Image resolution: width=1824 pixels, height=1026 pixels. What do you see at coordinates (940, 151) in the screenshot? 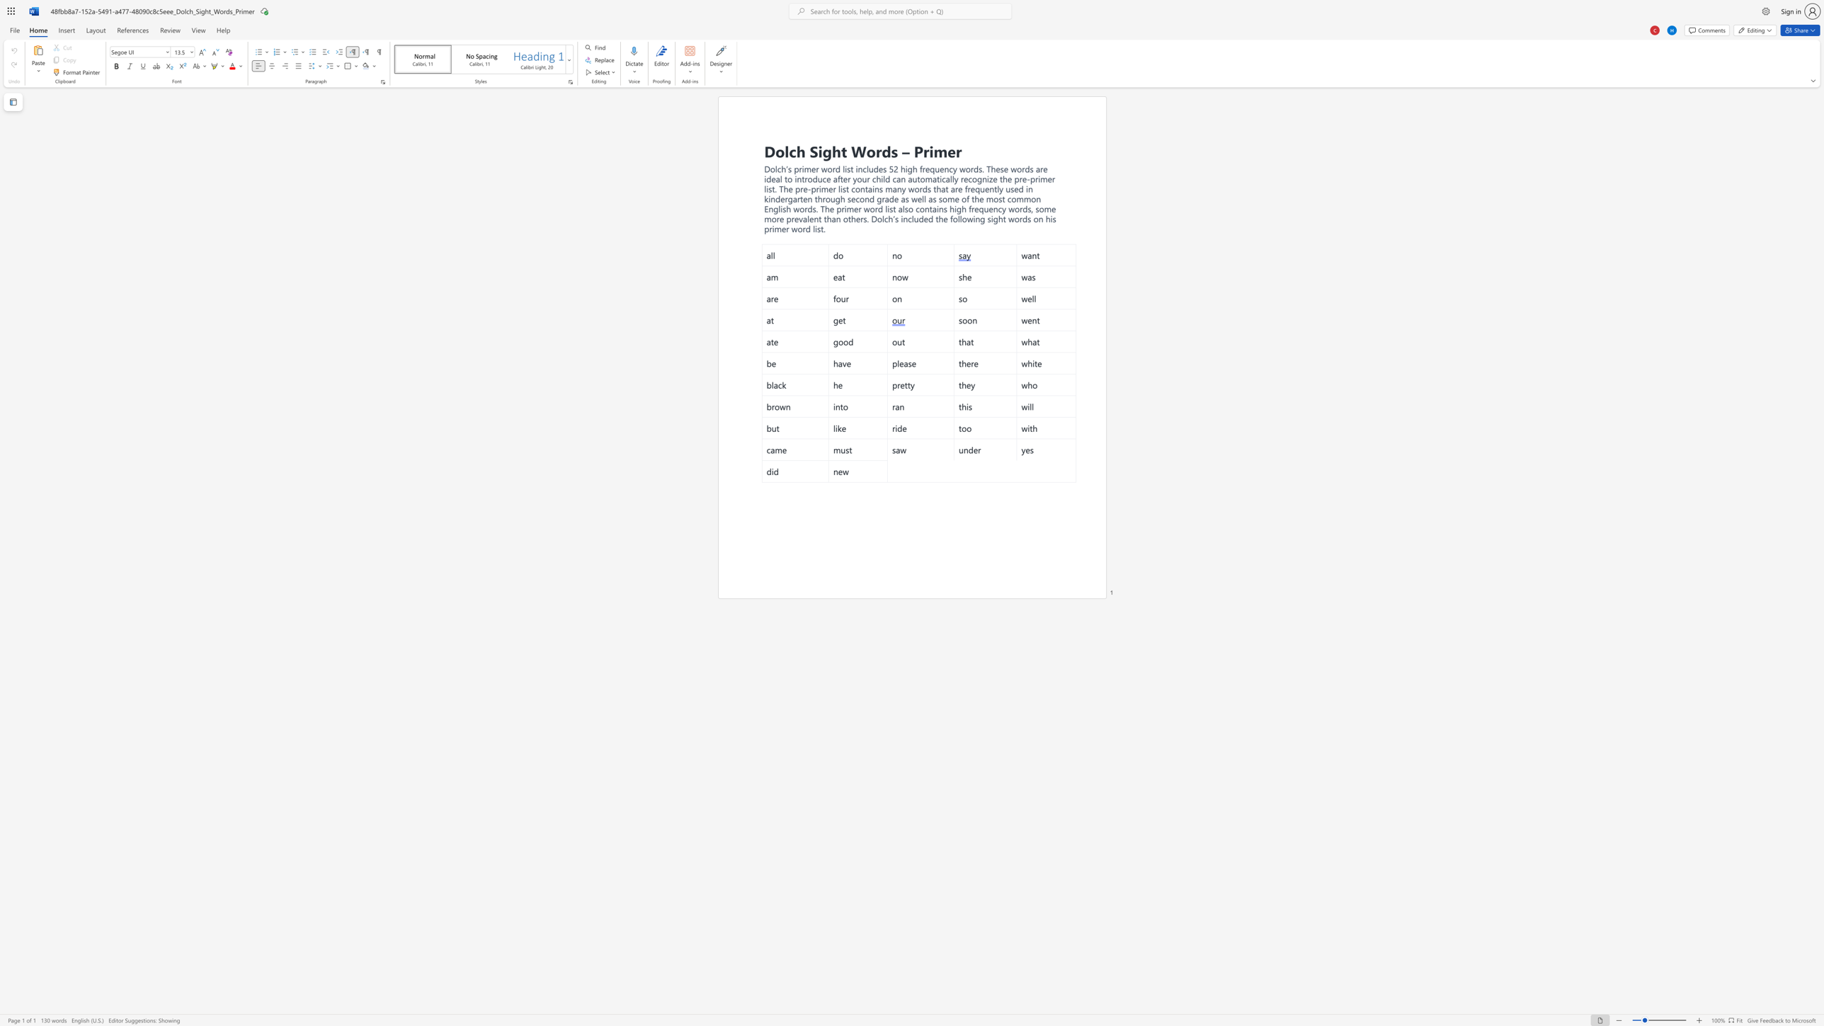
I see `the 1th character "m" in the text` at bounding box center [940, 151].